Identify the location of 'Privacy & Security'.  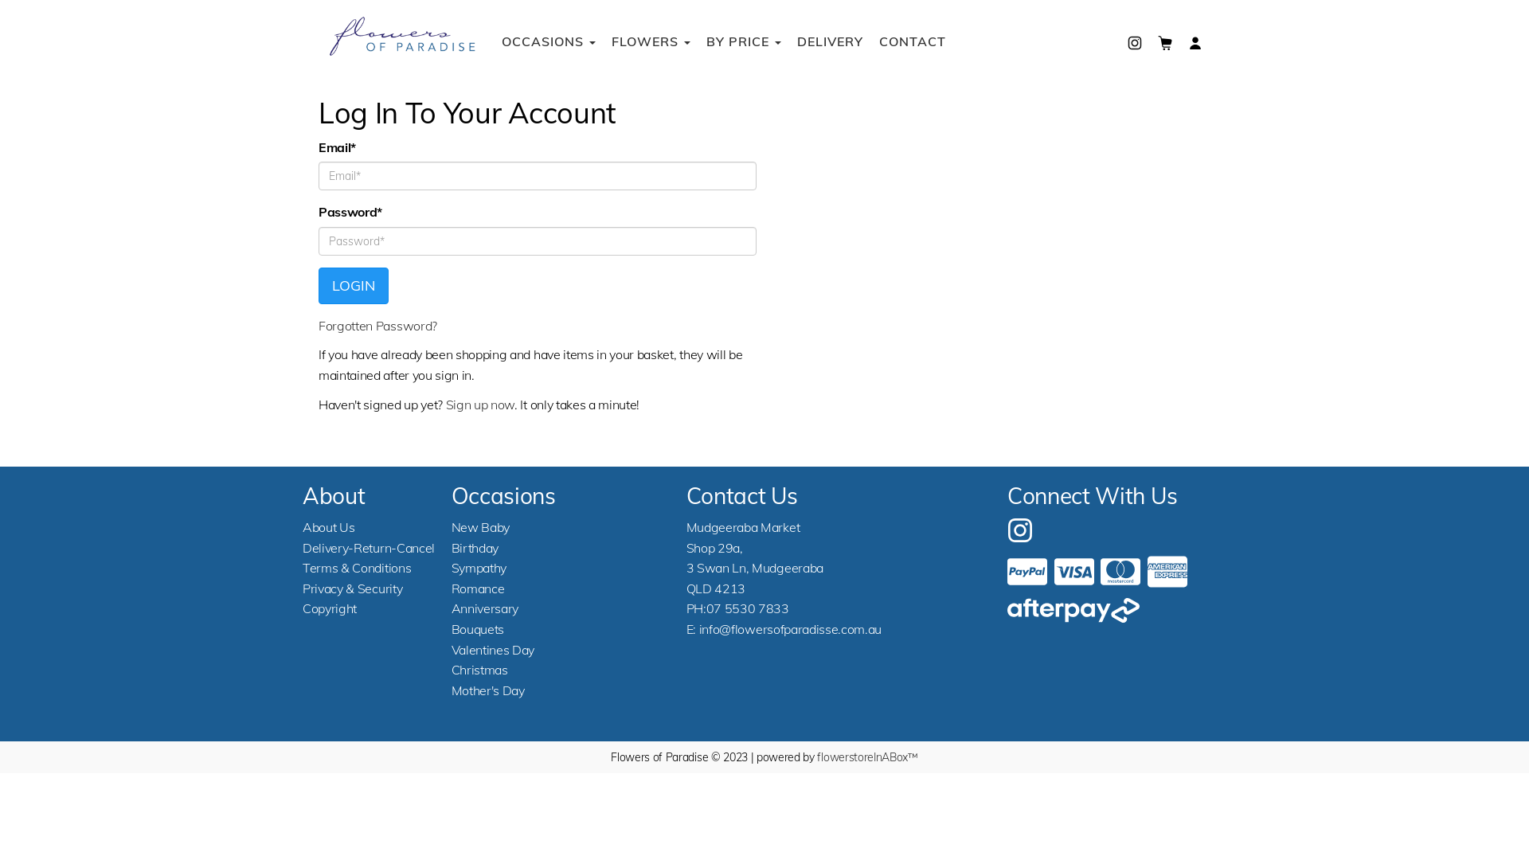
(351, 588).